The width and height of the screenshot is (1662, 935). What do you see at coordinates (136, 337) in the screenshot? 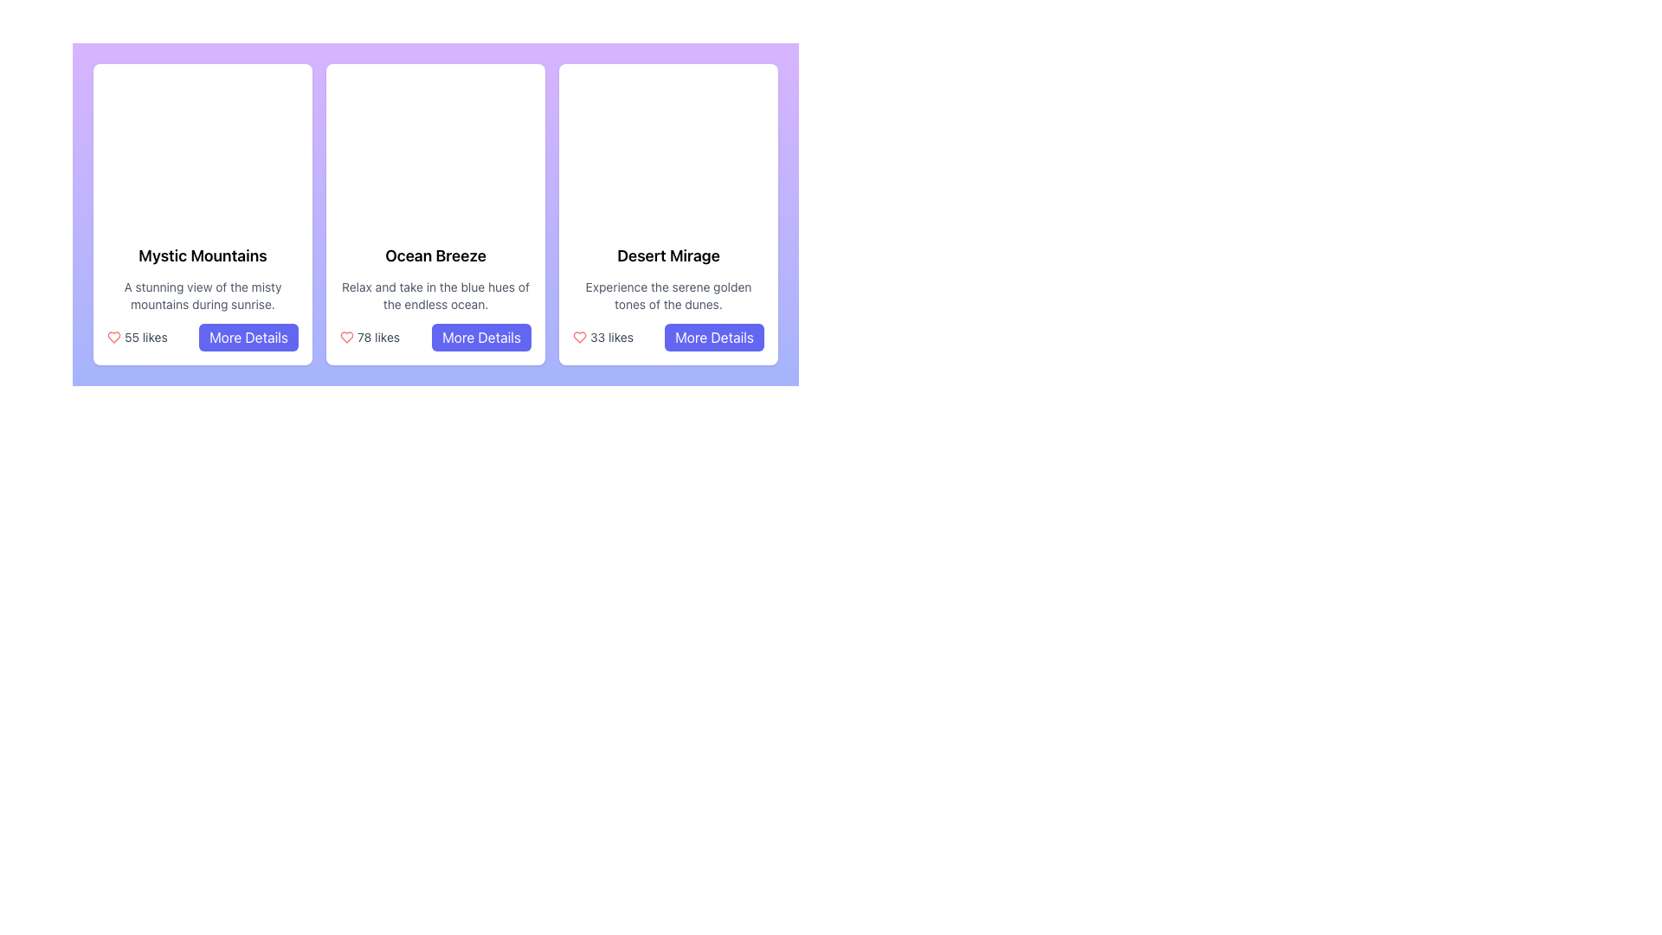
I see `the heart icon next to the '55 likes' text label to register or unregister a like for the content` at bounding box center [136, 337].